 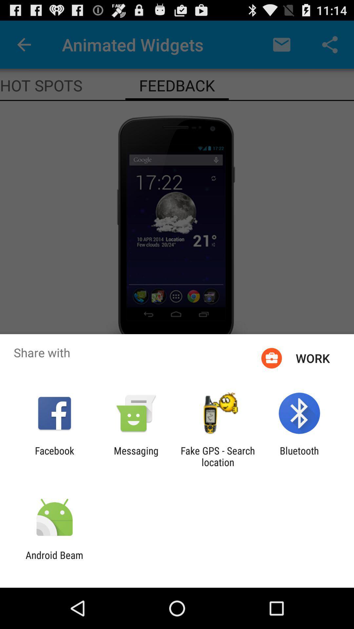 What do you see at coordinates (136, 456) in the screenshot?
I see `the app to the right of facebook icon` at bounding box center [136, 456].